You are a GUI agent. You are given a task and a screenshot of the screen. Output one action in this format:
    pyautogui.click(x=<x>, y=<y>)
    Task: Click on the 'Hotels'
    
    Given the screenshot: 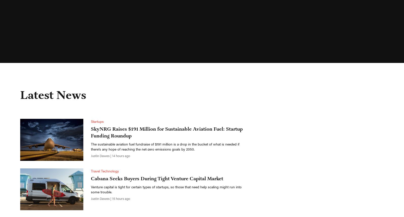 What is the action you would take?
    pyautogui.click(x=96, y=76)
    